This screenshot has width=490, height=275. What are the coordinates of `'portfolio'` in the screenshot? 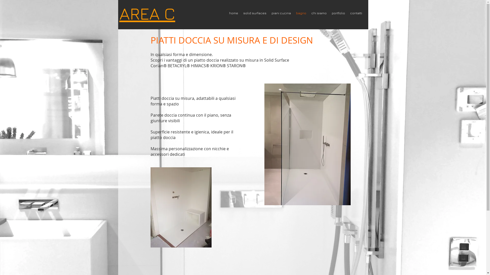 It's located at (338, 13).